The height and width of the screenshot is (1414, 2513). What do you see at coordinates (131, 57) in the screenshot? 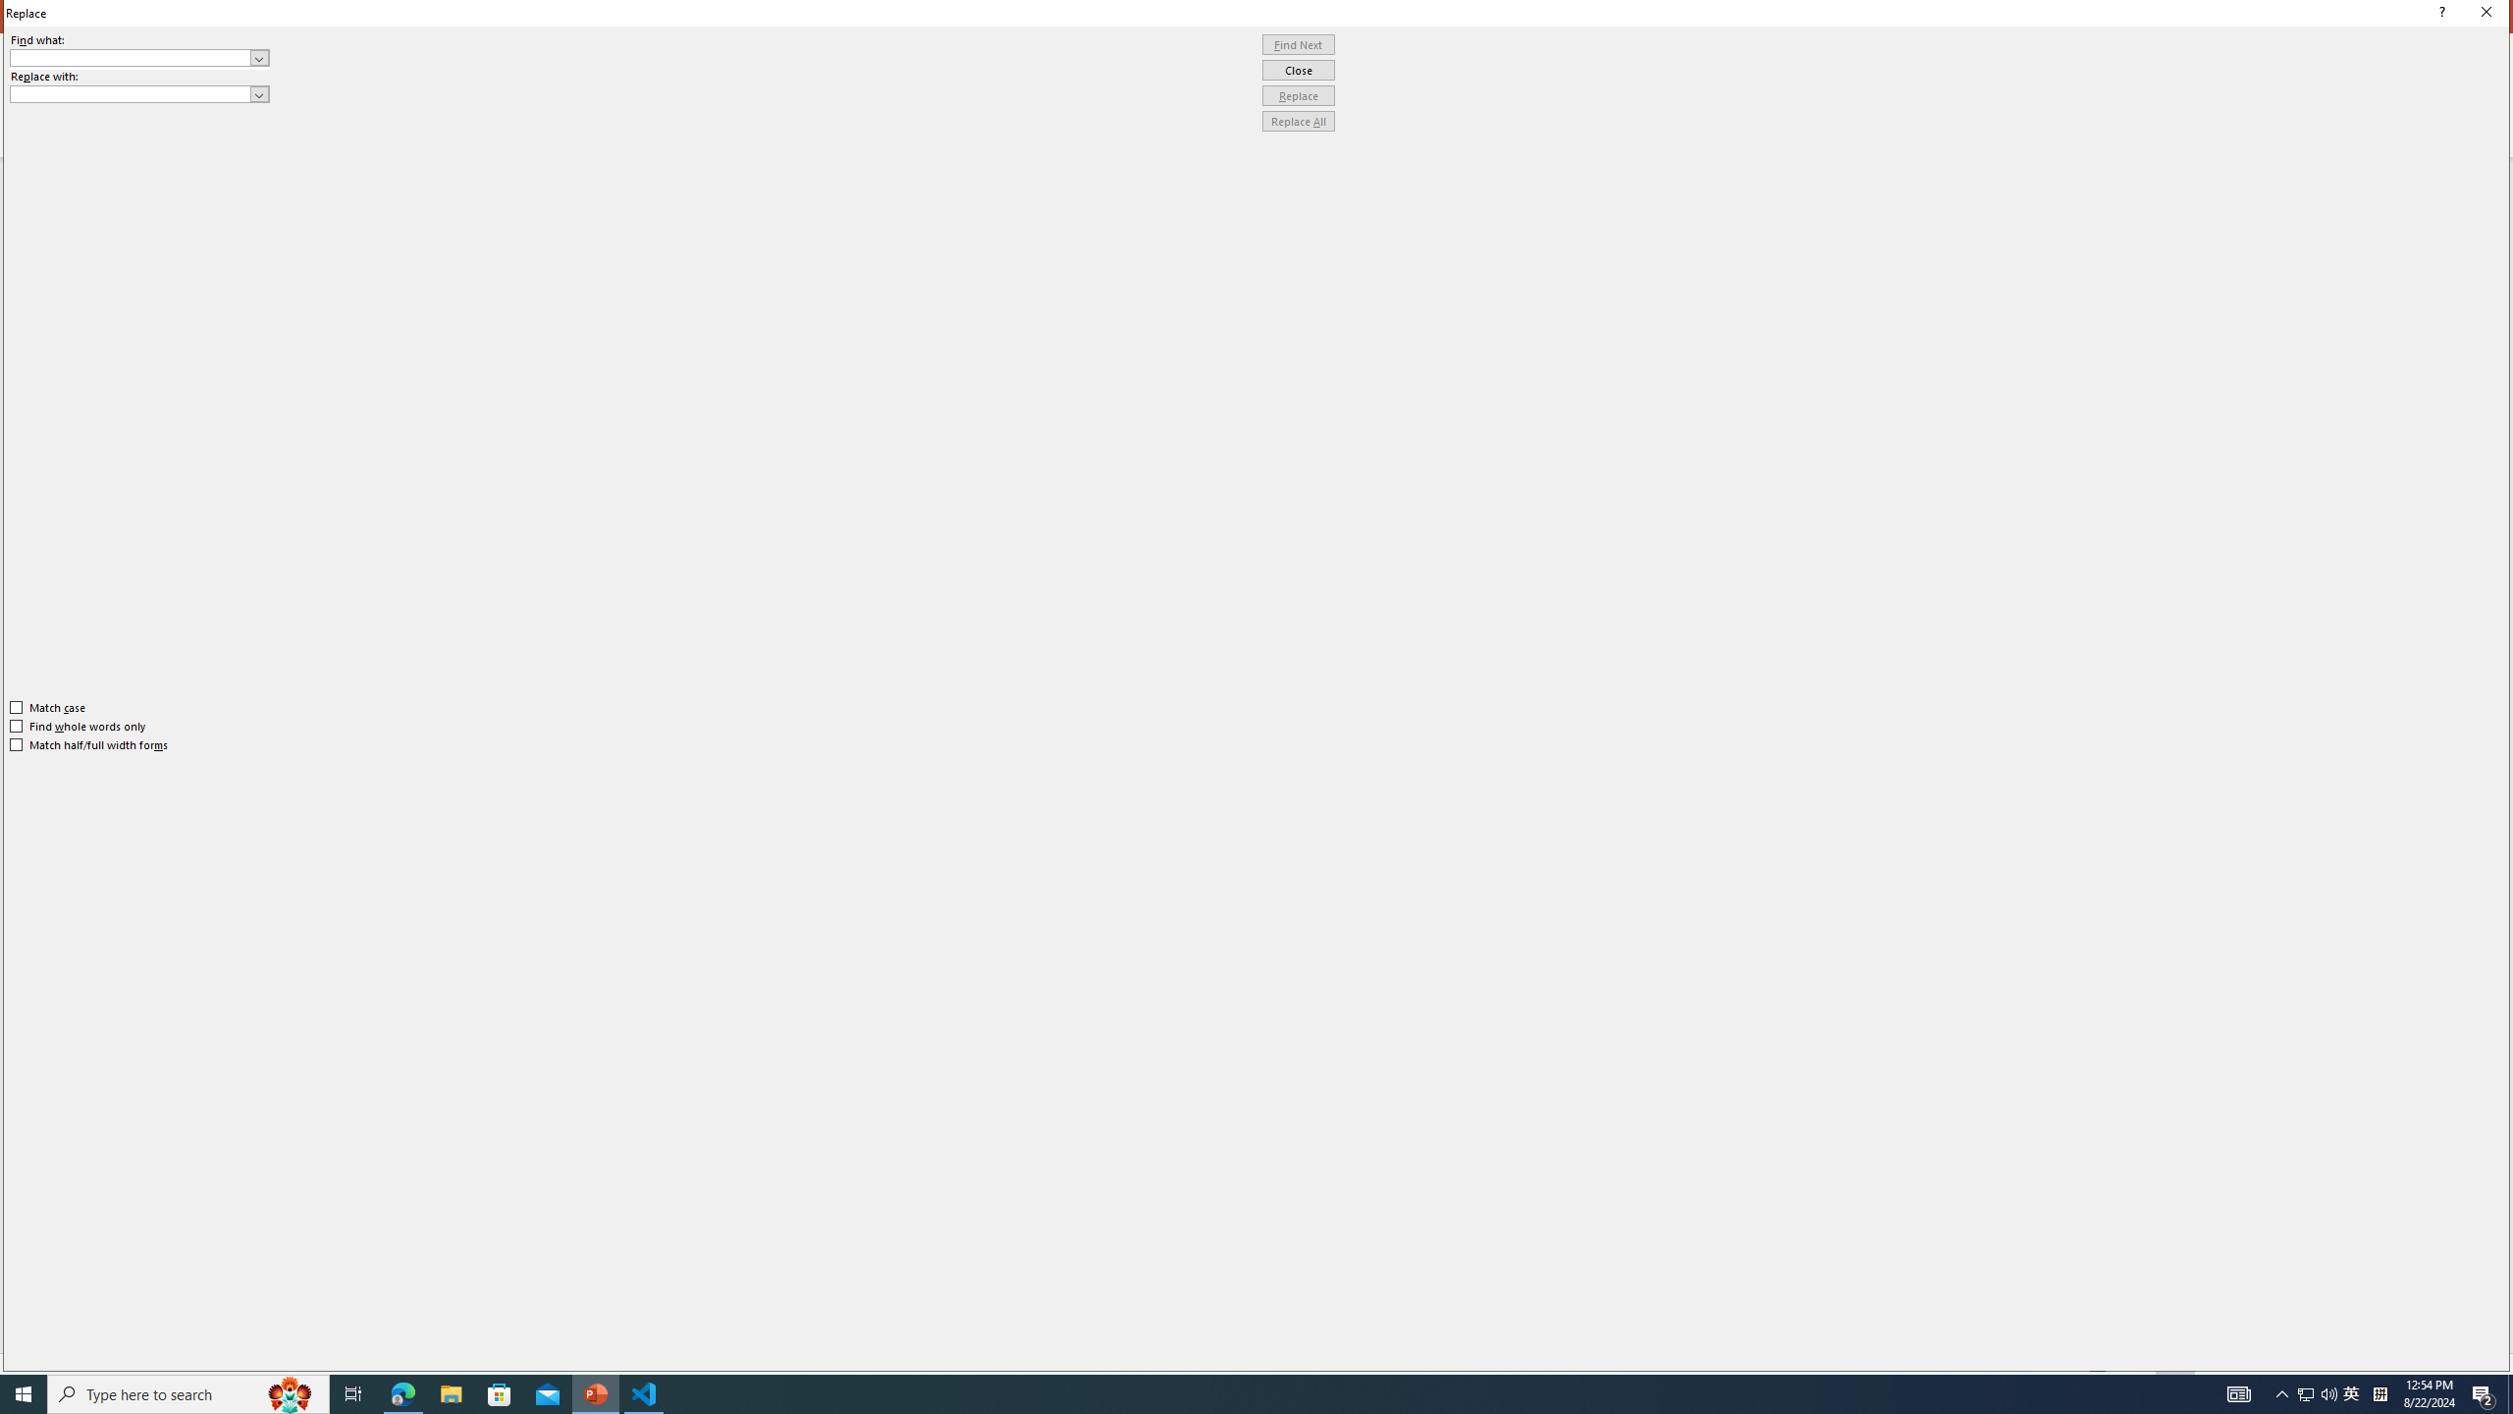
I see `'Find what'` at bounding box center [131, 57].